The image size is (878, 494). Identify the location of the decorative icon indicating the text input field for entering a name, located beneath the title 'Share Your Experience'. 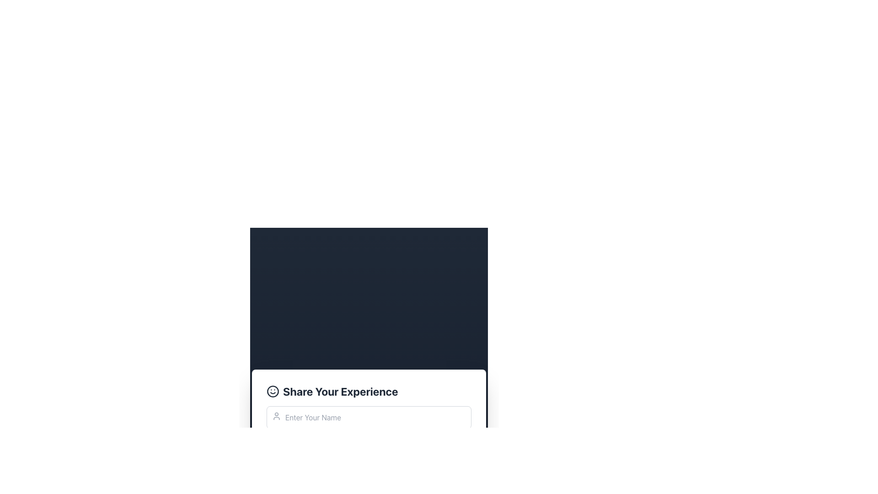
(276, 416).